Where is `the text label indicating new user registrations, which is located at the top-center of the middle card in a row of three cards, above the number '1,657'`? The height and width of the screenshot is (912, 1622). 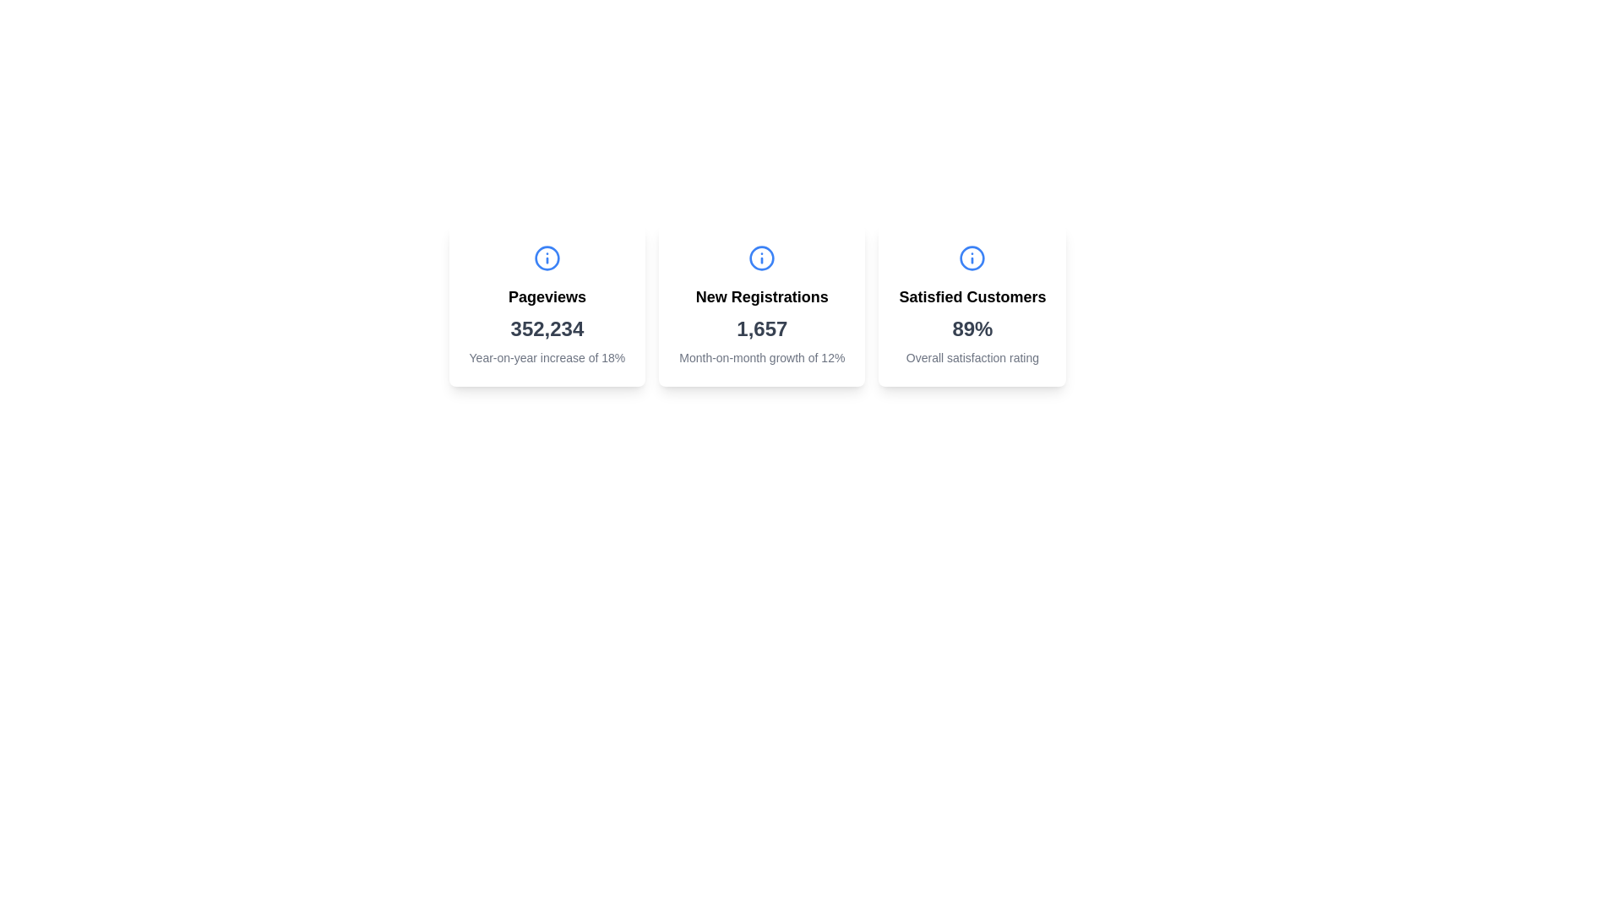 the text label indicating new user registrations, which is located at the top-center of the middle card in a row of three cards, above the number '1,657' is located at coordinates (761, 296).